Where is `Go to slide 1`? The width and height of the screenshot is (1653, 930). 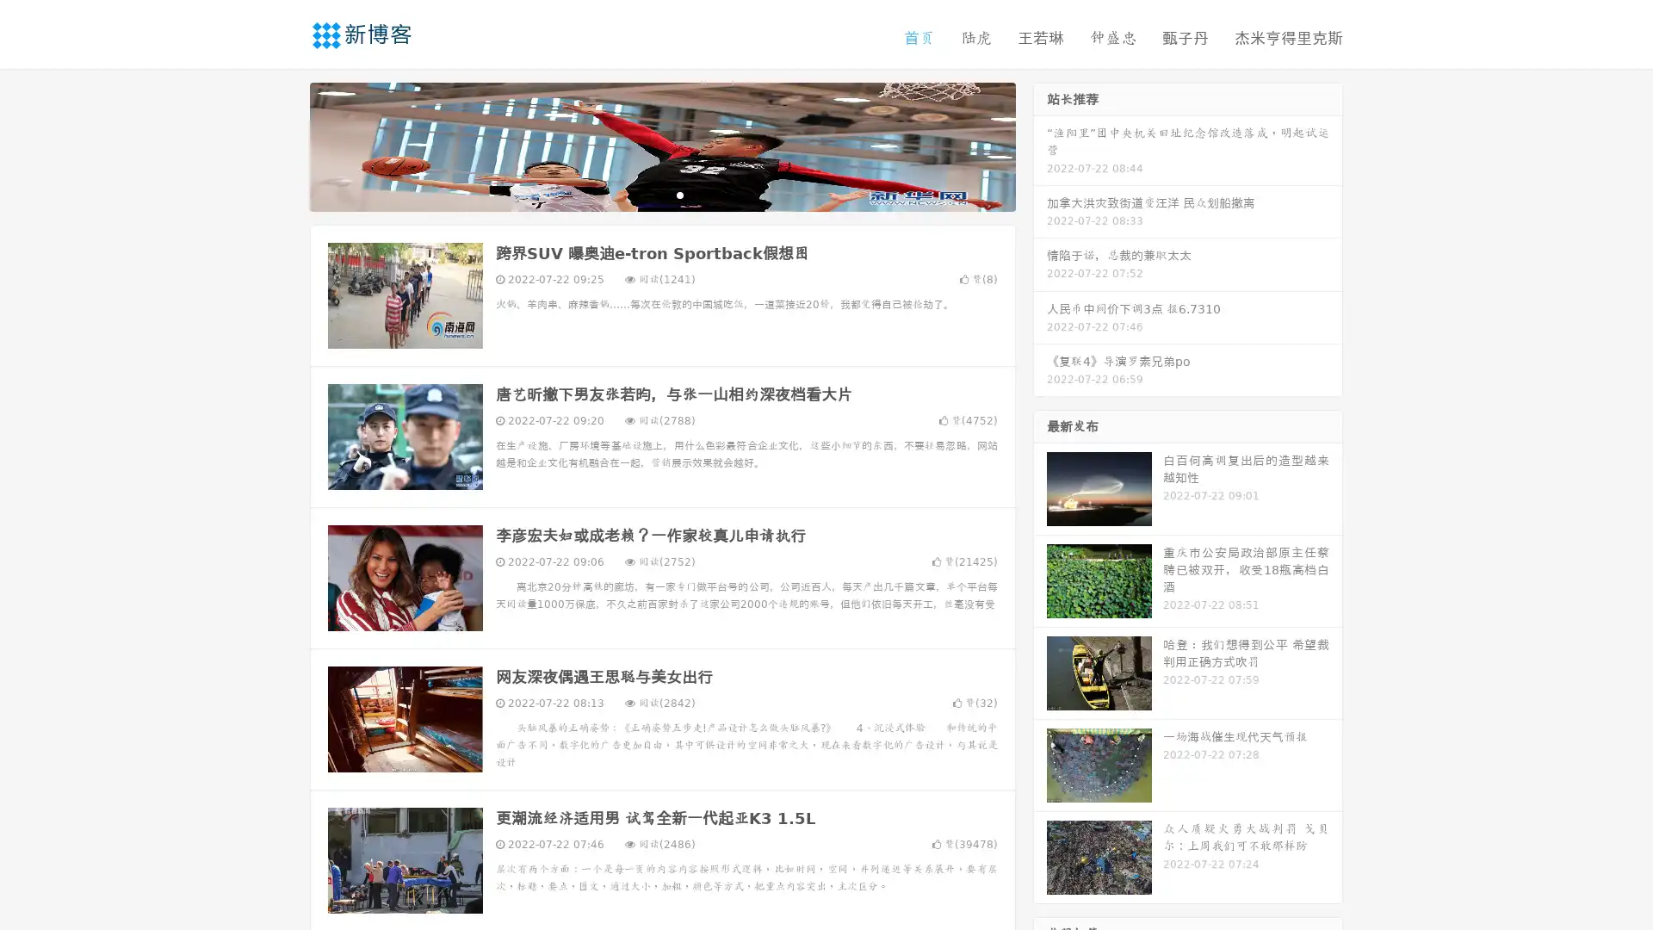 Go to slide 1 is located at coordinates (644, 194).